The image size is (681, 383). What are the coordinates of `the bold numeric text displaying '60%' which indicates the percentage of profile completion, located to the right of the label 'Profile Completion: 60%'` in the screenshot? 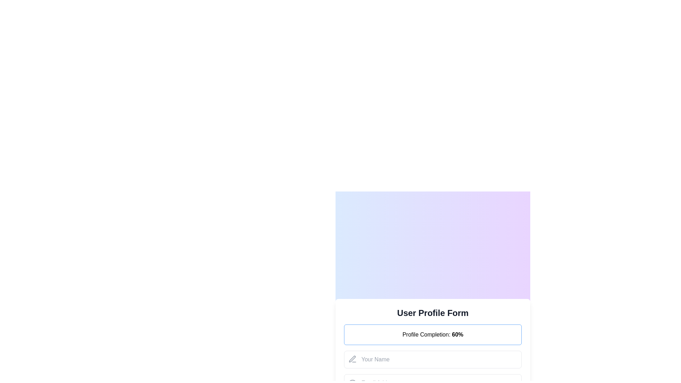 It's located at (458, 334).